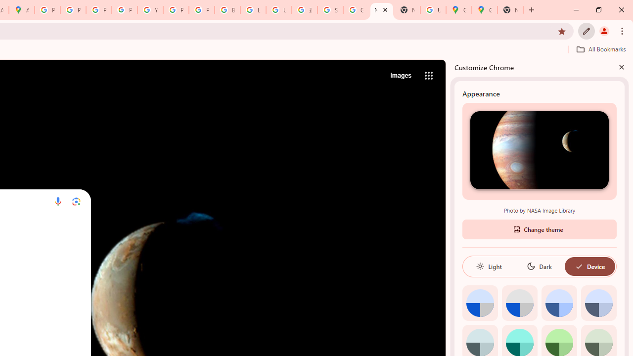 The image size is (633, 356). I want to click on 'Browse Chrome as a guest - Computer - Google Chrome Help', so click(227, 10).